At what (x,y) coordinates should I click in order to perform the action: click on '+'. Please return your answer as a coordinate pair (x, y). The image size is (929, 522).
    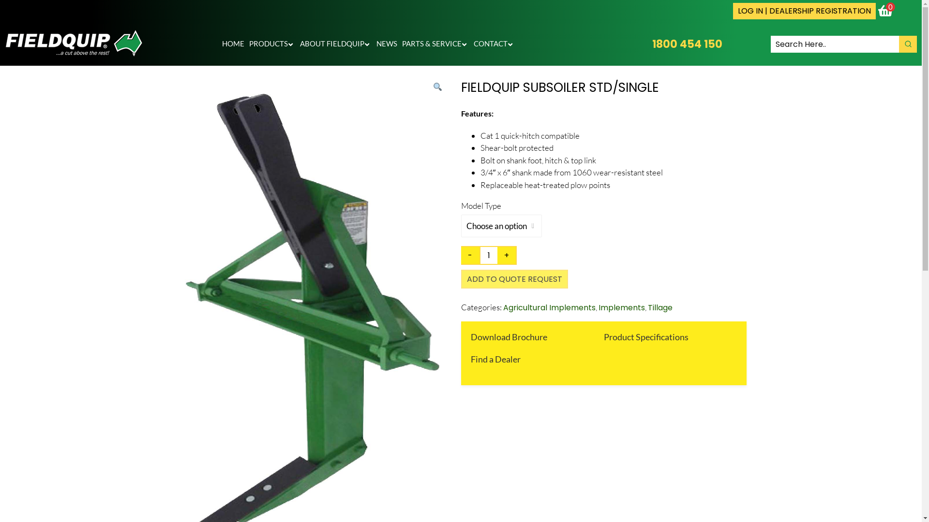
    Looking at the image, I should click on (506, 255).